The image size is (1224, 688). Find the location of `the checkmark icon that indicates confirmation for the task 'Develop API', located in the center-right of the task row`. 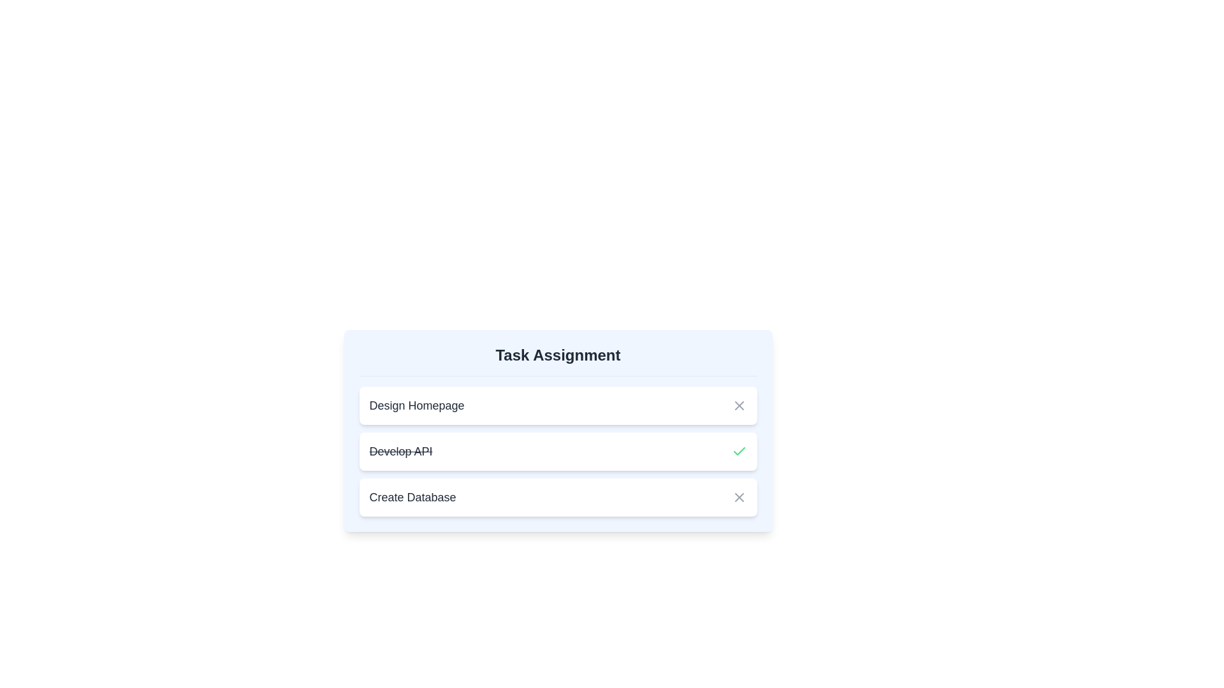

the checkmark icon that indicates confirmation for the task 'Develop API', located in the center-right of the task row is located at coordinates (739, 450).